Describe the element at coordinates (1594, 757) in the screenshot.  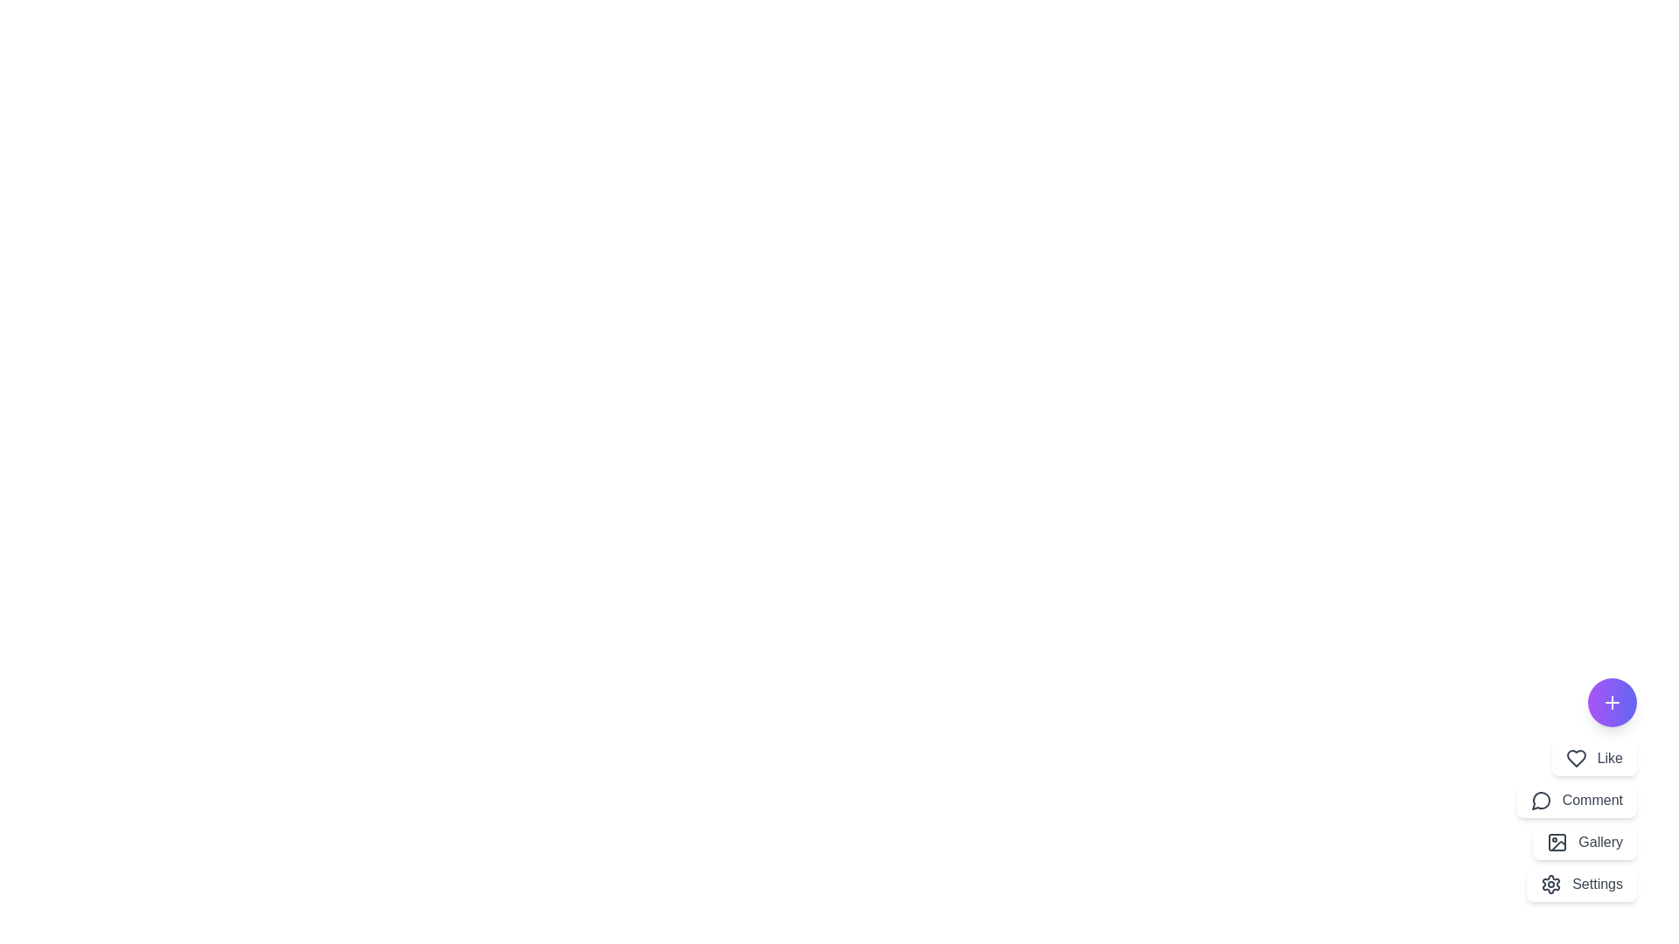
I see `the menu option Like to observe the visual feedback` at that location.